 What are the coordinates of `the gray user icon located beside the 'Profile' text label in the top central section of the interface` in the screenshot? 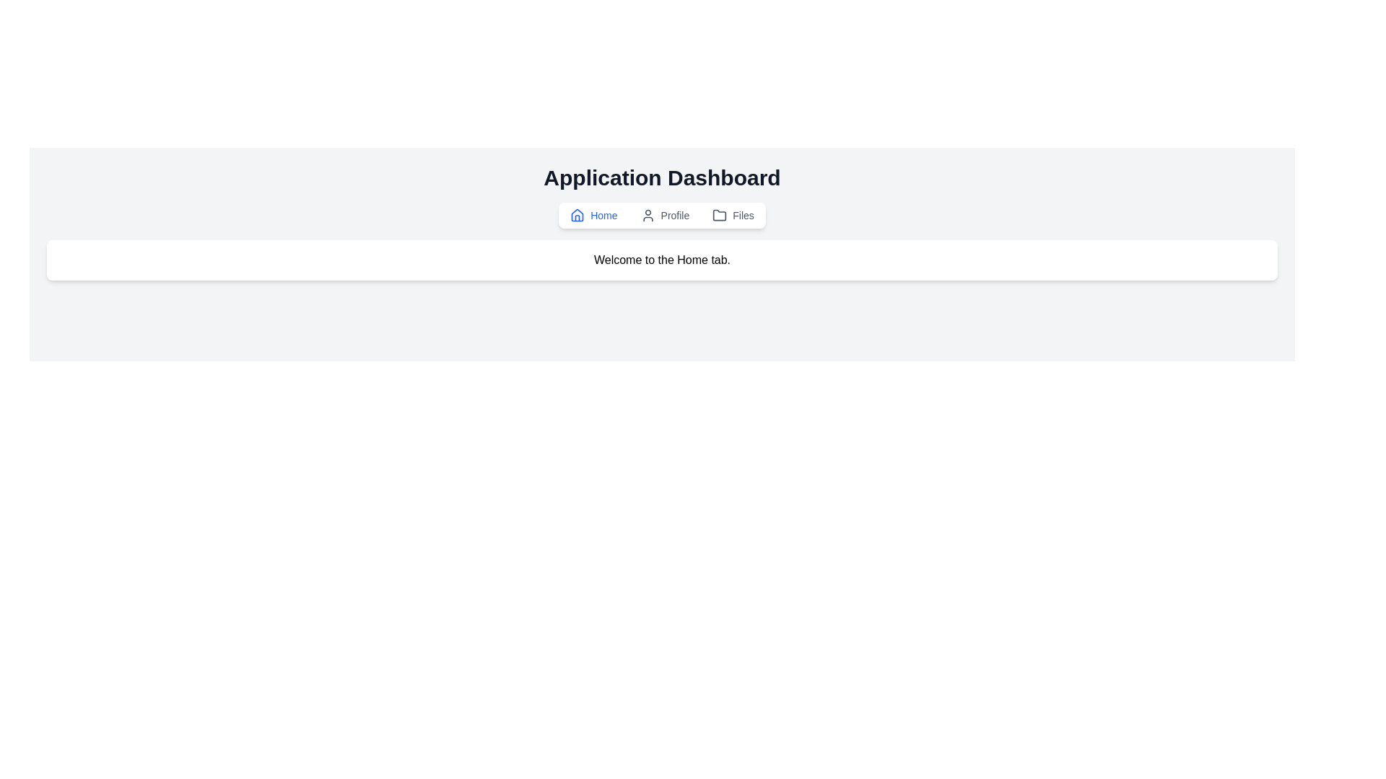 It's located at (647, 216).